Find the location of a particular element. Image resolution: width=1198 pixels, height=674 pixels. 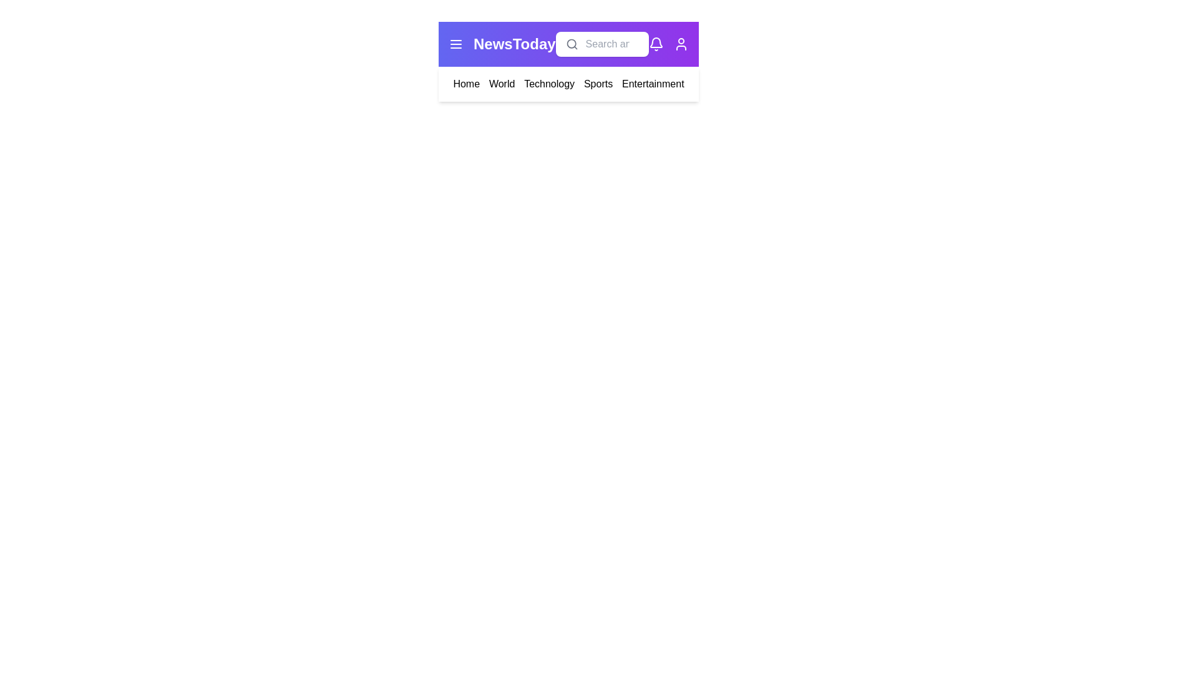

the navigation link for Sports is located at coordinates (598, 84).